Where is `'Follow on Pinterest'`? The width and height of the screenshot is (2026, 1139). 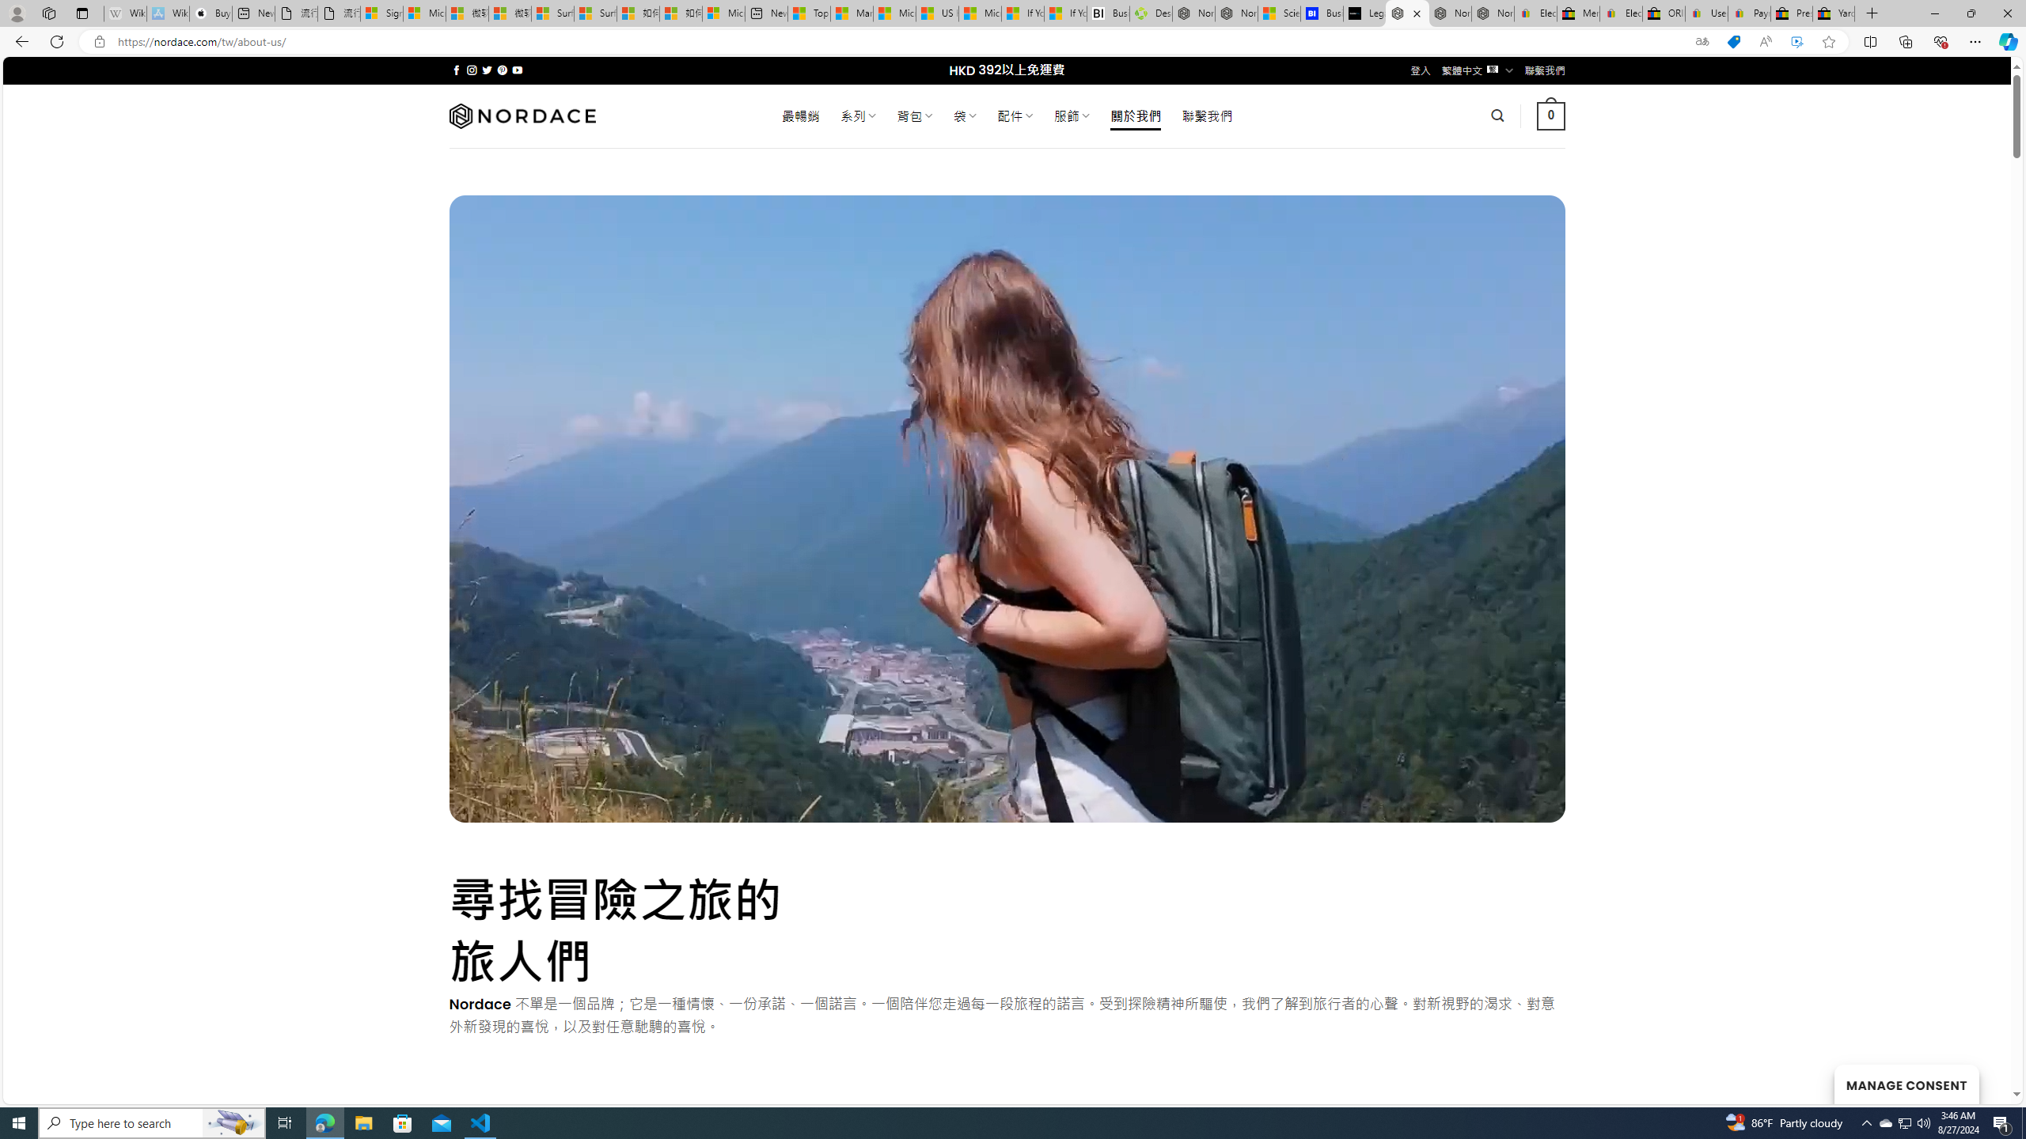
'Follow on Pinterest' is located at coordinates (500, 70).